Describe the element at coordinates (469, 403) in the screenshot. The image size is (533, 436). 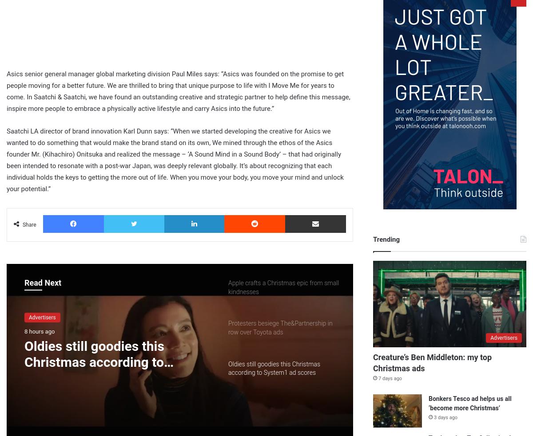
I see `'Bonkers Tesco ad helps us all ‘become more Christmas’'` at that location.